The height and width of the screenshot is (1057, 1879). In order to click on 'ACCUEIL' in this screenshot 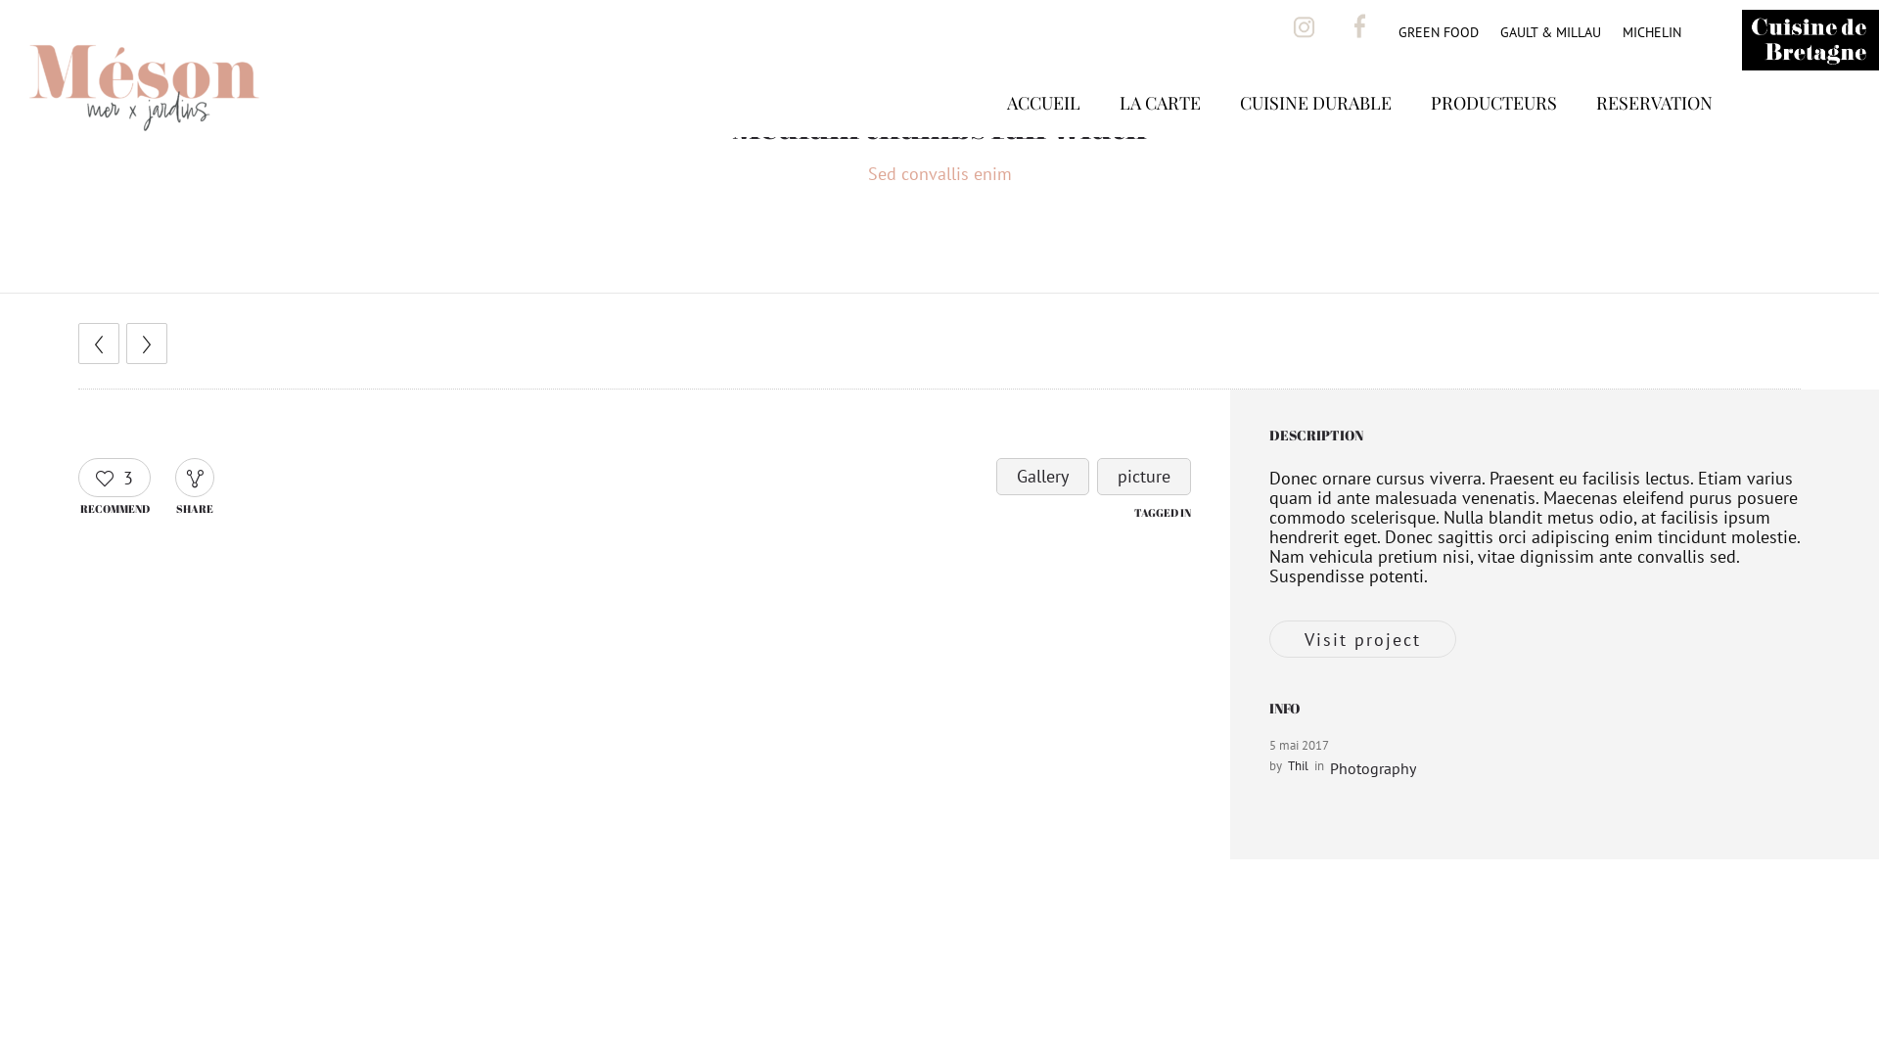, I will do `click(1042, 132)`.